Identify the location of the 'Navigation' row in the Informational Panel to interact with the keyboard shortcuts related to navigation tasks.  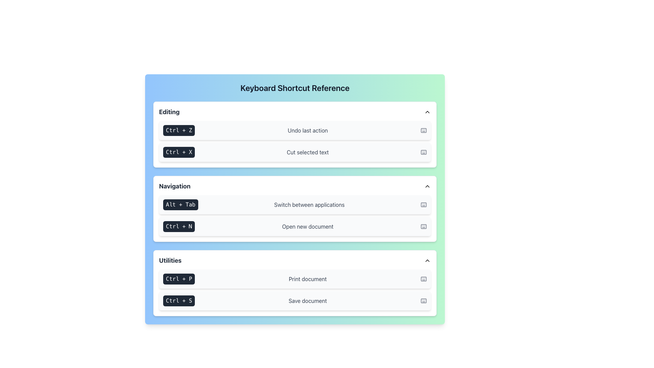
(295, 209).